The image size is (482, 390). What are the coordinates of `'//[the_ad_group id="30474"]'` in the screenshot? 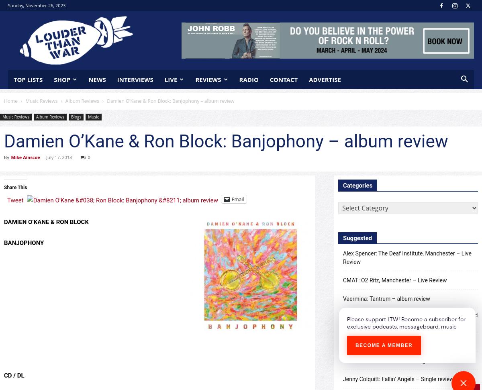 It's located at (327, 26).